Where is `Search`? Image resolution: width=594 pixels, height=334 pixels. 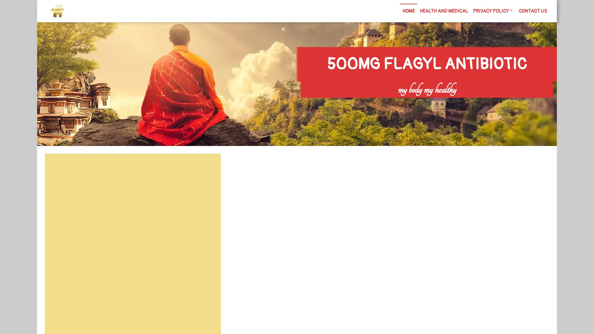 Search is located at coordinates (206, 169).